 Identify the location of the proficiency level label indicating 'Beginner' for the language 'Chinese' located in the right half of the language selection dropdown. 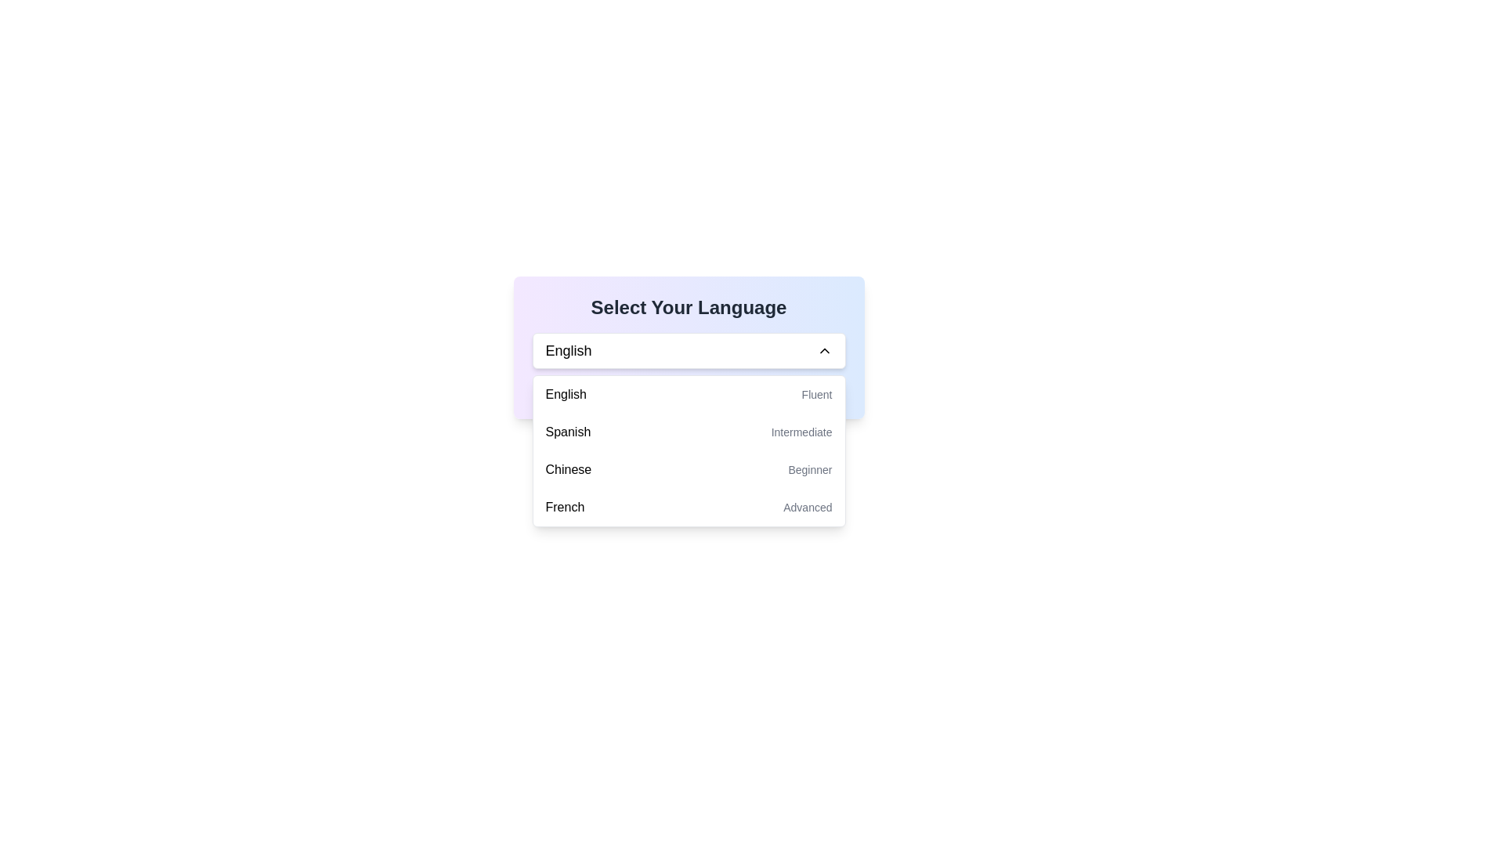
(810, 469).